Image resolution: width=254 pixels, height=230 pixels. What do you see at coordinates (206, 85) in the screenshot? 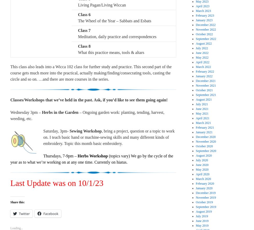
I see `'November 2021'` at bounding box center [206, 85].